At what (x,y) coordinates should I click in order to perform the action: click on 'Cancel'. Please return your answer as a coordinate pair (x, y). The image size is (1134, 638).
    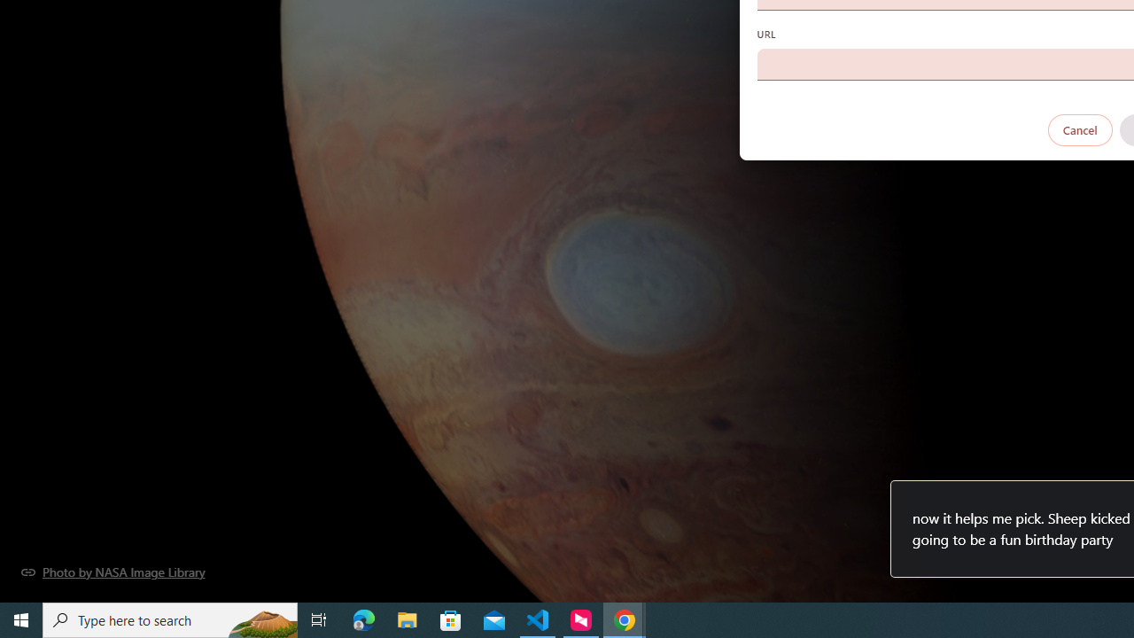
    Looking at the image, I should click on (1078, 128).